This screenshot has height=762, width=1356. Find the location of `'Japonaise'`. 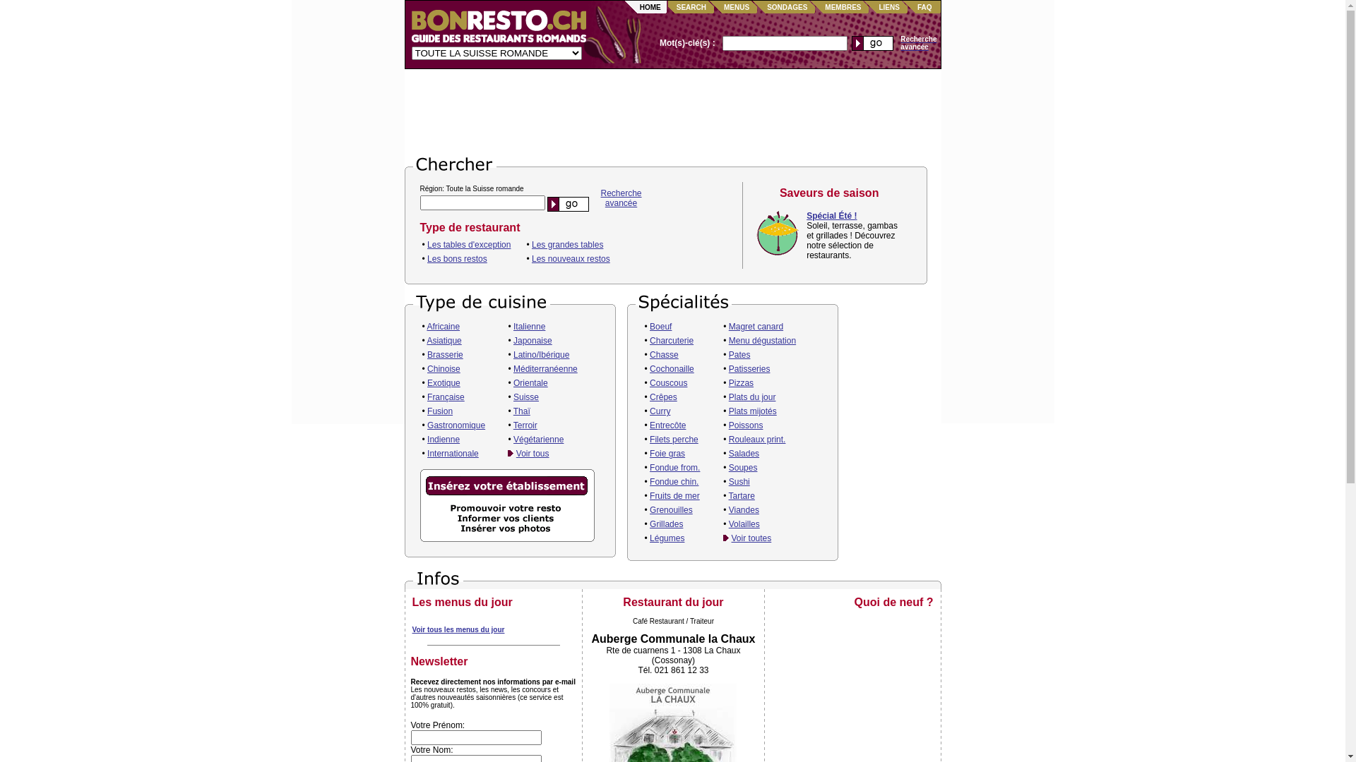

'Japonaise' is located at coordinates (512, 340).